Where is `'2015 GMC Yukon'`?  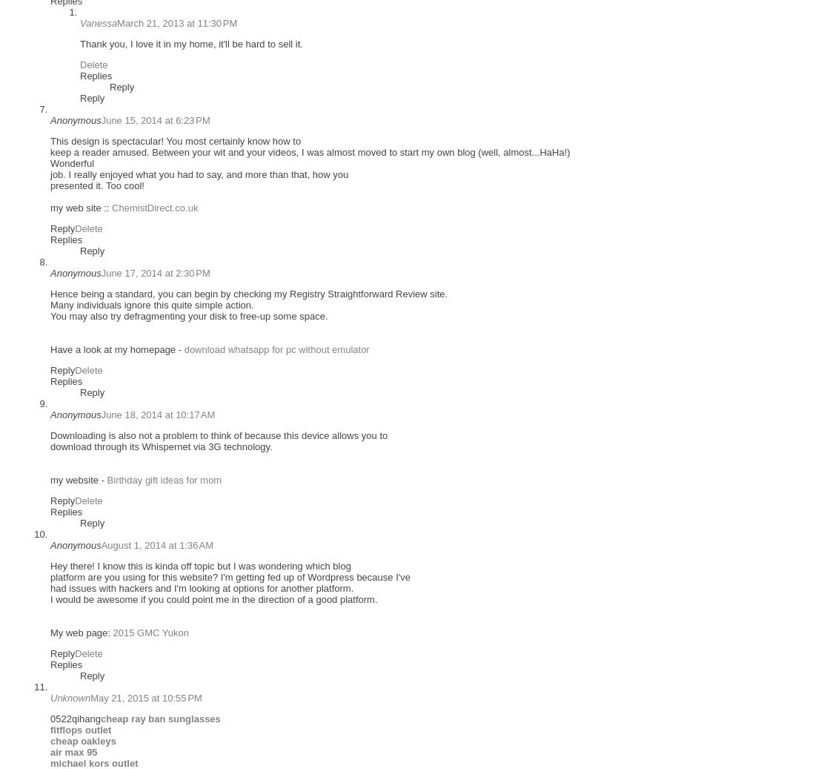 '2015 GMC Yukon' is located at coordinates (150, 633).